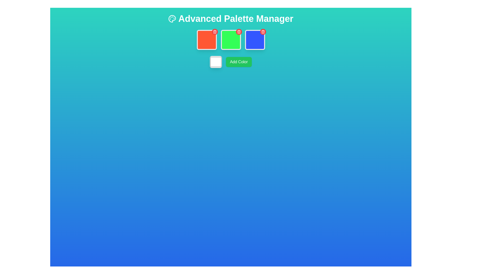  I want to click on the color selection button in the Advanced Palette Manager, which is located between a red square and a blue square, so click(230, 39).